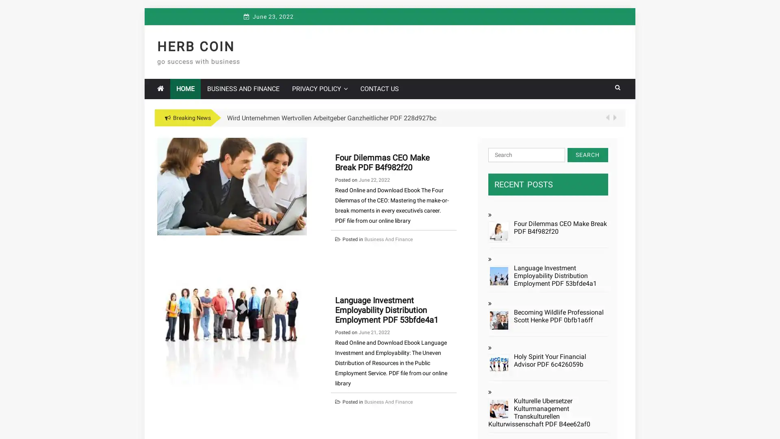  I want to click on Search, so click(587, 154).